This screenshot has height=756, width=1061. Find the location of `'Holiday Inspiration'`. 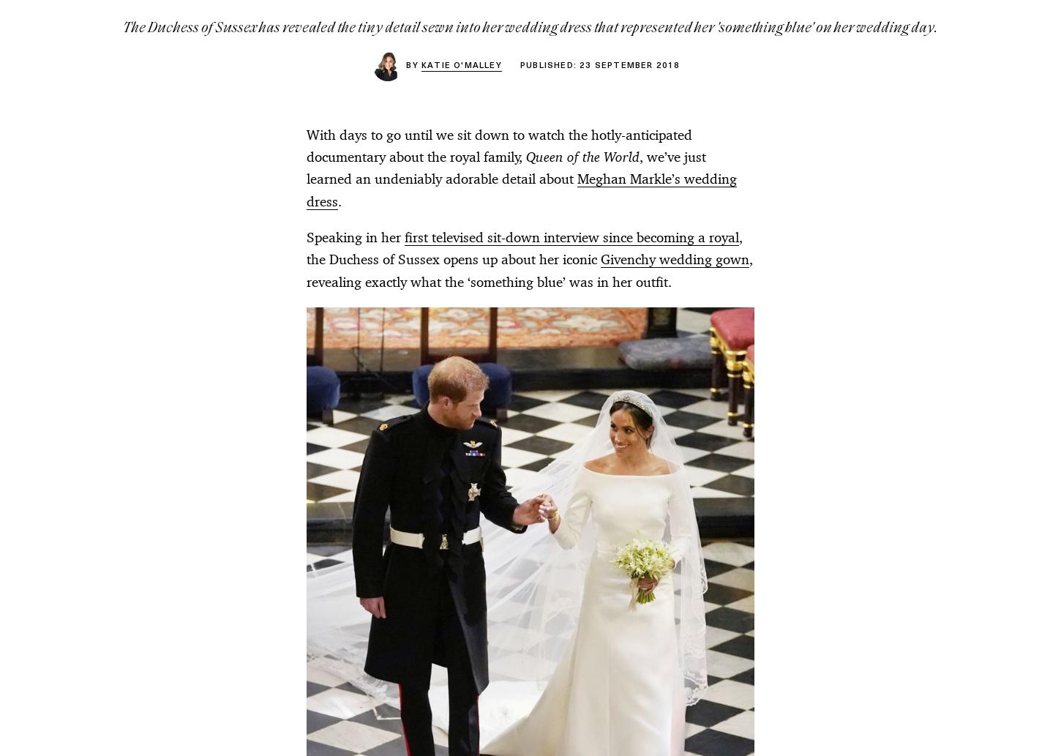

'Holiday Inspiration' is located at coordinates (584, 410).